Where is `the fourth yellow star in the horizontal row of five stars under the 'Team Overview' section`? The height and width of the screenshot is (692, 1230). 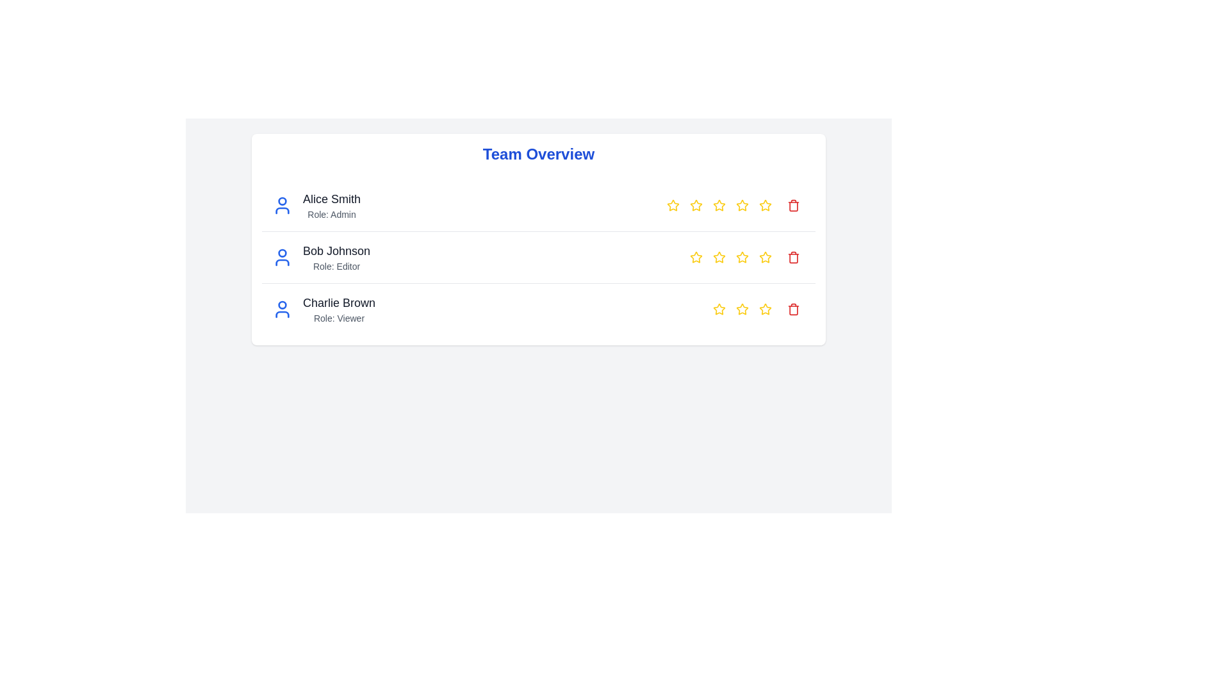 the fourth yellow star in the horizontal row of five stars under the 'Team Overview' section is located at coordinates (719, 204).